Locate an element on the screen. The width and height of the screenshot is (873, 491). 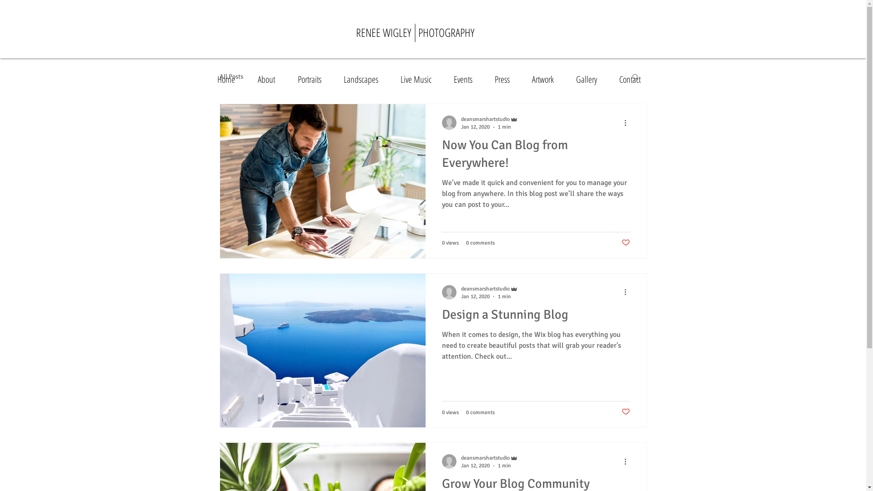
'Post not marked as liked' is located at coordinates (625, 243).